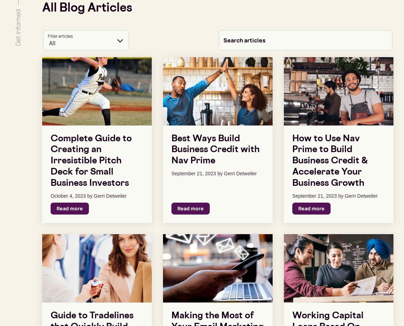 This screenshot has height=326, width=404. What do you see at coordinates (91, 161) in the screenshot?
I see `'Complete Guide to Creating an Irresistible Pitch Deck for Small Business Investors'` at bounding box center [91, 161].